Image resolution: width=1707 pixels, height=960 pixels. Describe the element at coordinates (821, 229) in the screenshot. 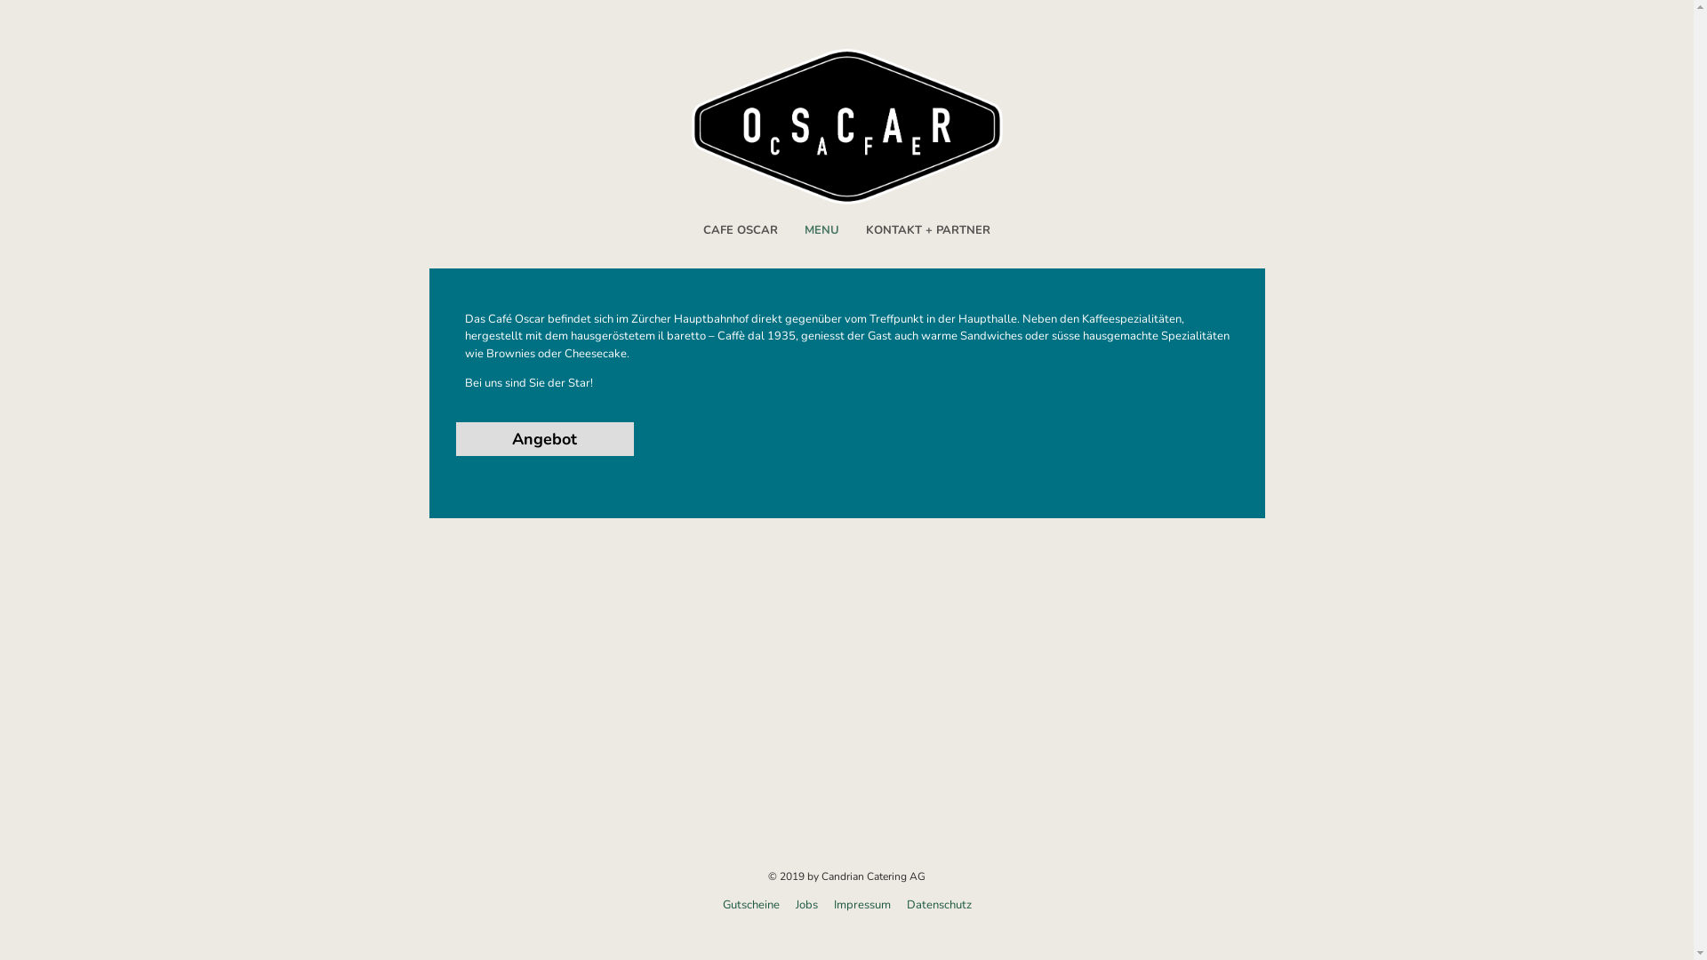

I see `'MENU'` at that location.